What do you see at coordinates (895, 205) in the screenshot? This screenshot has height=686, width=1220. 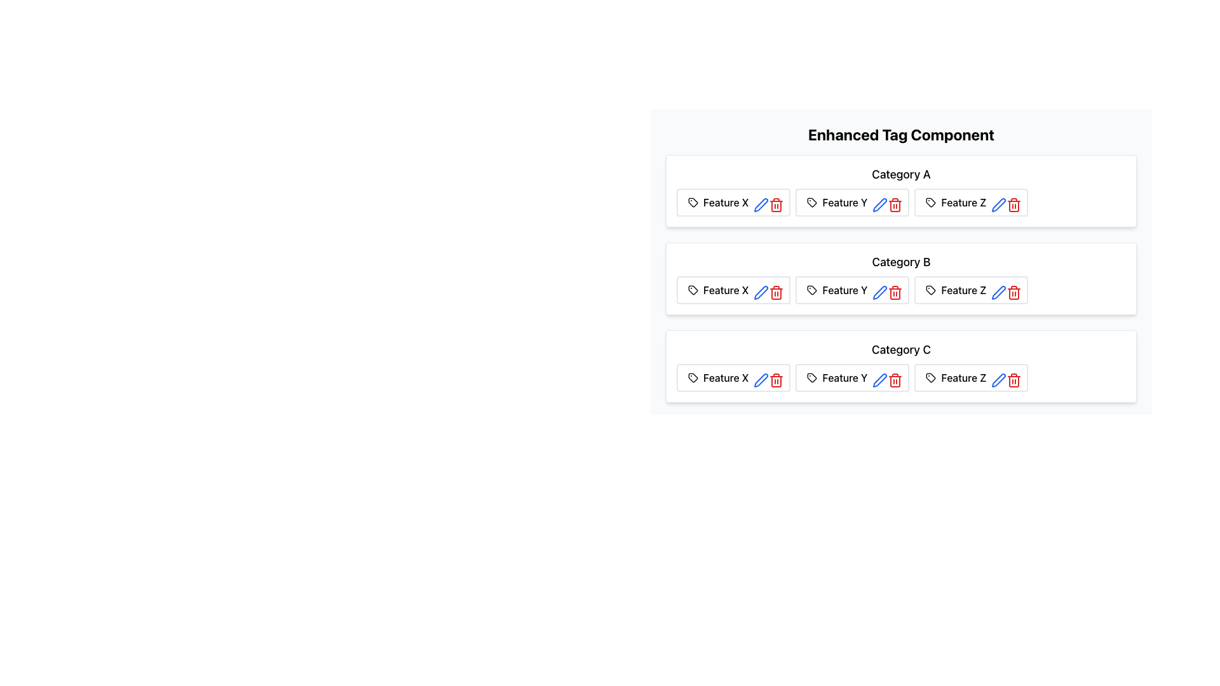 I see `the delete button, which is the third icon in the row of actions associated with 'Feature Y' under Category A, located between a blue pencil icon and the third tag, Feature Z` at bounding box center [895, 205].